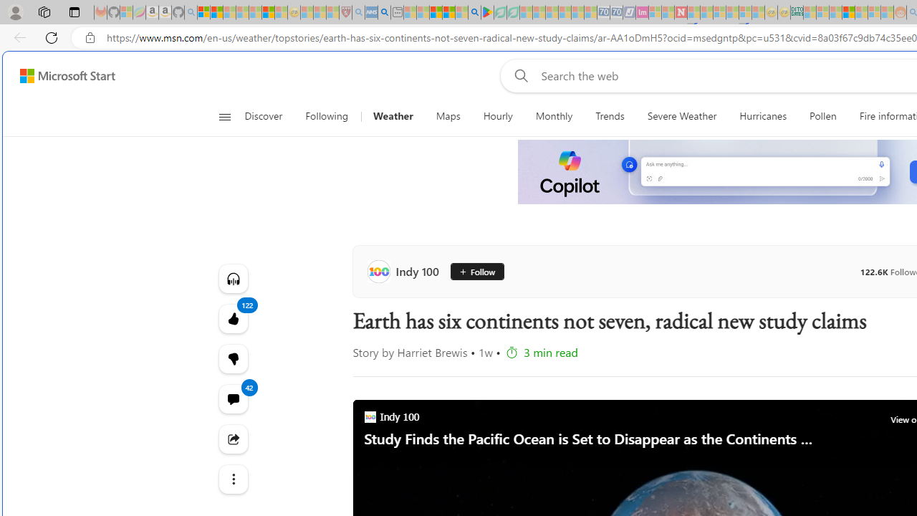 Image resolution: width=917 pixels, height=516 pixels. I want to click on 'Severe Weather', so click(681, 116).